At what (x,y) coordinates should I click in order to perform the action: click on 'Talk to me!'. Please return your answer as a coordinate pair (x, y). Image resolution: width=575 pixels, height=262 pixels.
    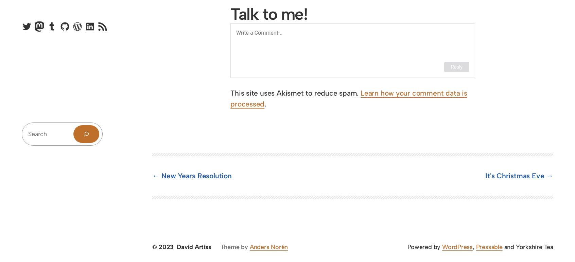
    Looking at the image, I should click on (269, 13).